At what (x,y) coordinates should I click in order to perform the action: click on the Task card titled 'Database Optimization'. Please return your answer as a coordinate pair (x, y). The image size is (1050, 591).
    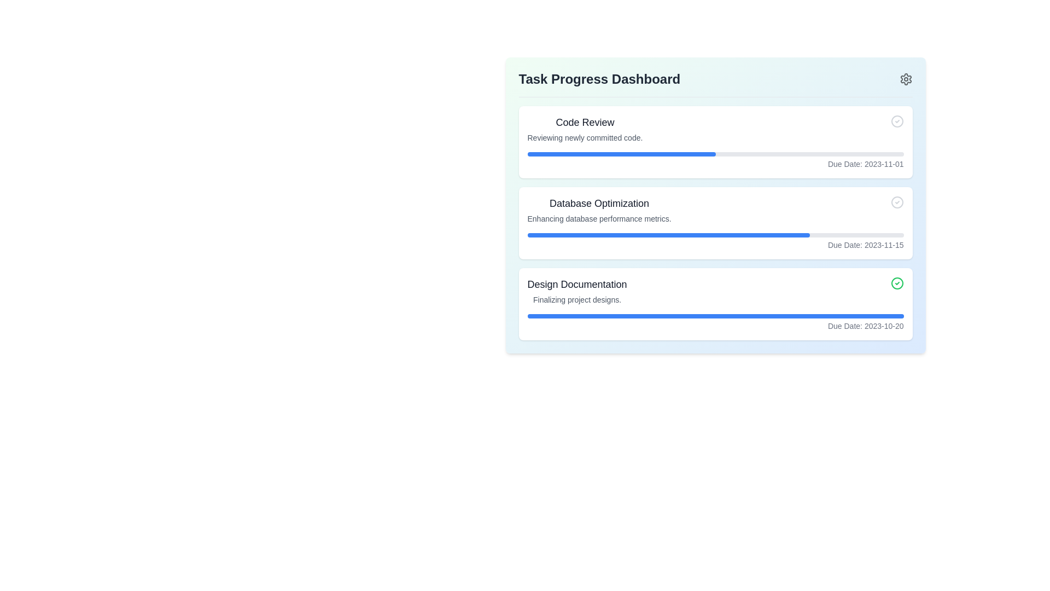
    Looking at the image, I should click on (715, 223).